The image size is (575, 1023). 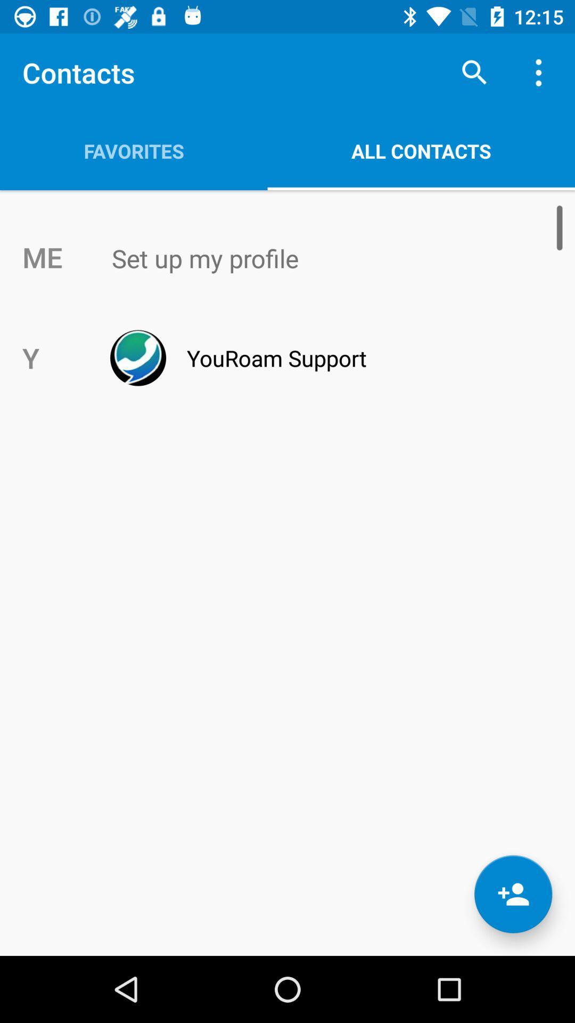 What do you see at coordinates (421, 150) in the screenshot?
I see `all contacts` at bounding box center [421, 150].